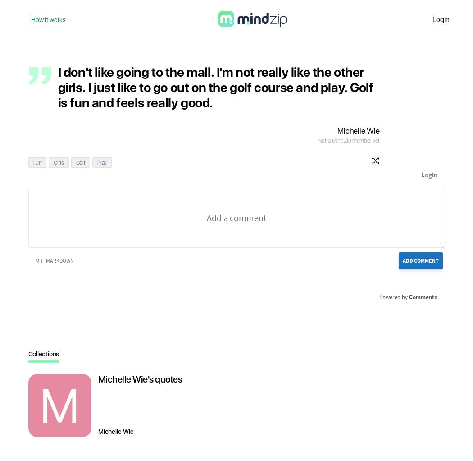  I want to click on 'Collections', so click(43, 354).